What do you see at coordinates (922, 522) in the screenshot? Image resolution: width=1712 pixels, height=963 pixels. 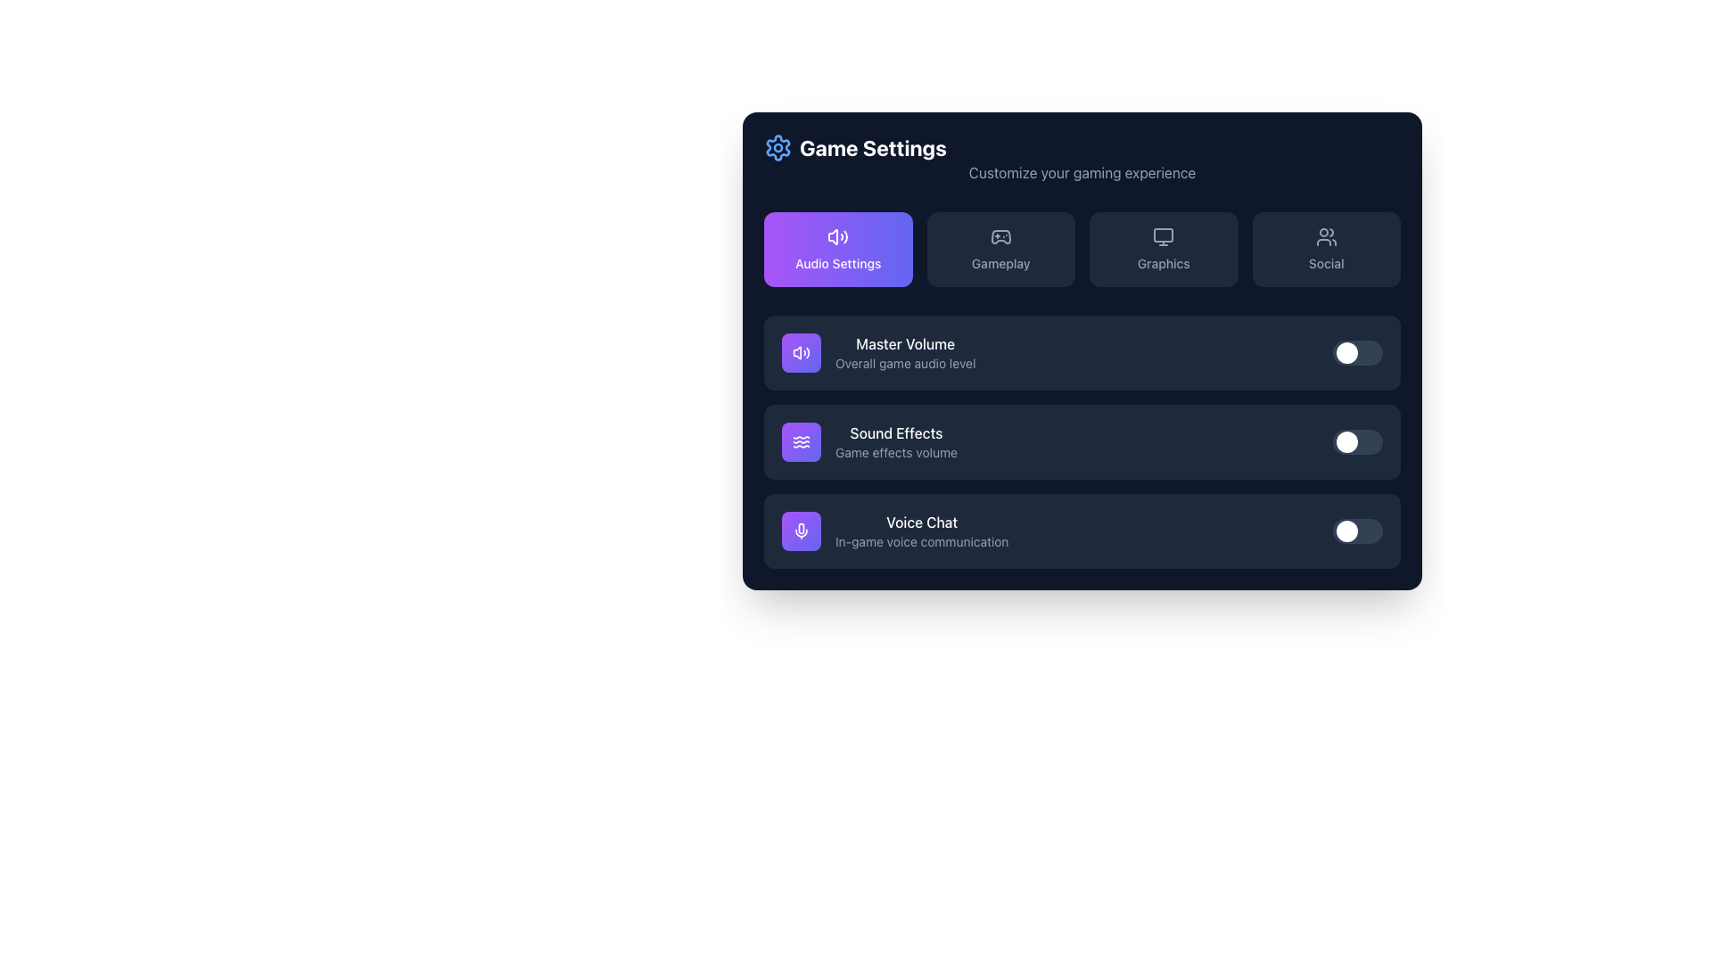 I see `the 'Voice Chat' text label, which is styled in white medium-weight font and prominently positioned in the settings panel above the subtitle 'In-game voice communication'` at bounding box center [922, 522].